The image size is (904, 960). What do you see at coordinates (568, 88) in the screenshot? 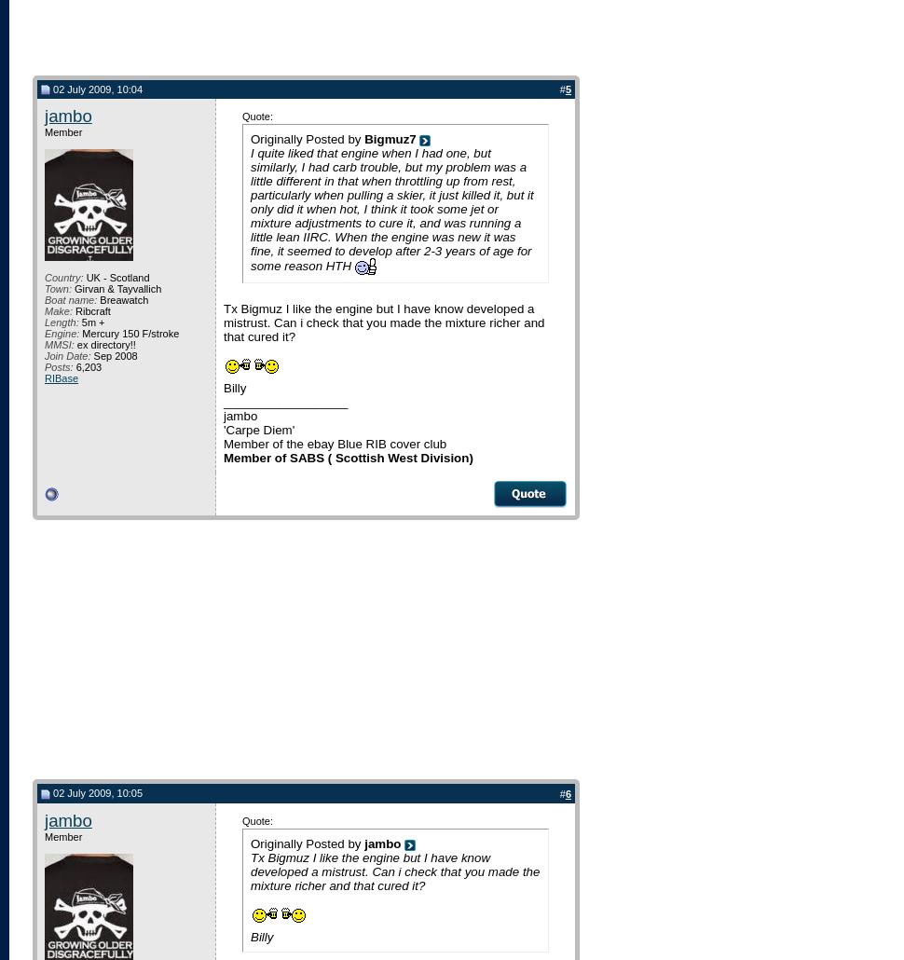
I see `'5'` at bounding box center [568, 88].